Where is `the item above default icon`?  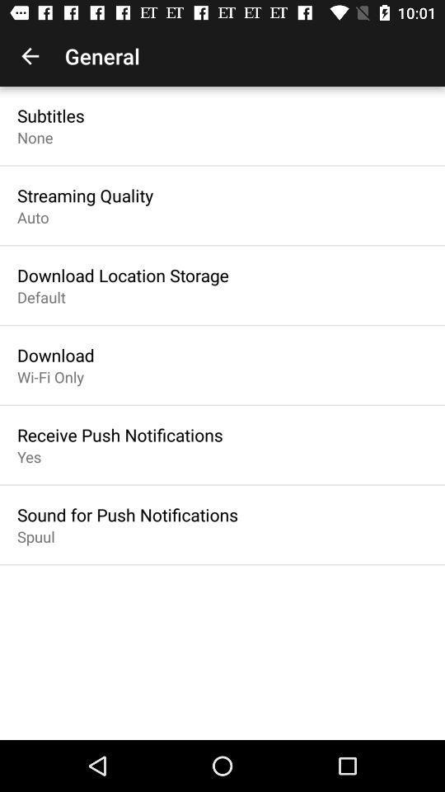 the item above default icon is located at coordinates (122, 275).